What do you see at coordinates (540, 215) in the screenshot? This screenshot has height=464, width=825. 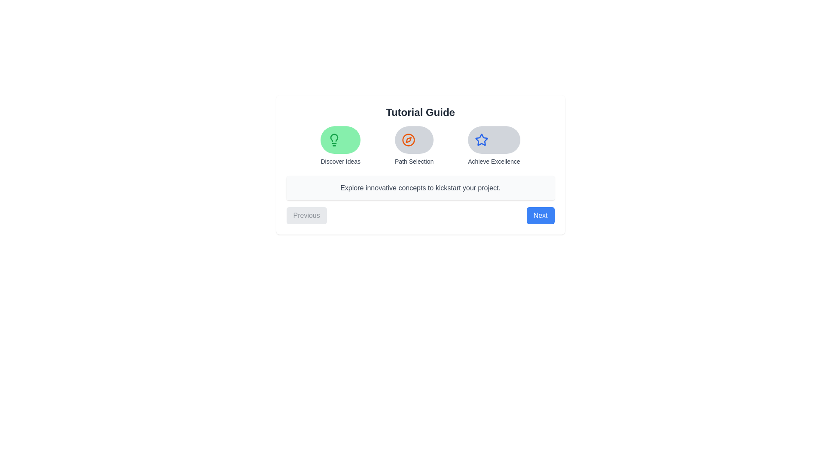 I see `the 'Next' button to advance to the next tutorial step` at bounding box center [540, 215].